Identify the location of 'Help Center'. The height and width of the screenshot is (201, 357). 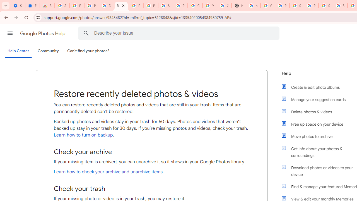
(18, 51).